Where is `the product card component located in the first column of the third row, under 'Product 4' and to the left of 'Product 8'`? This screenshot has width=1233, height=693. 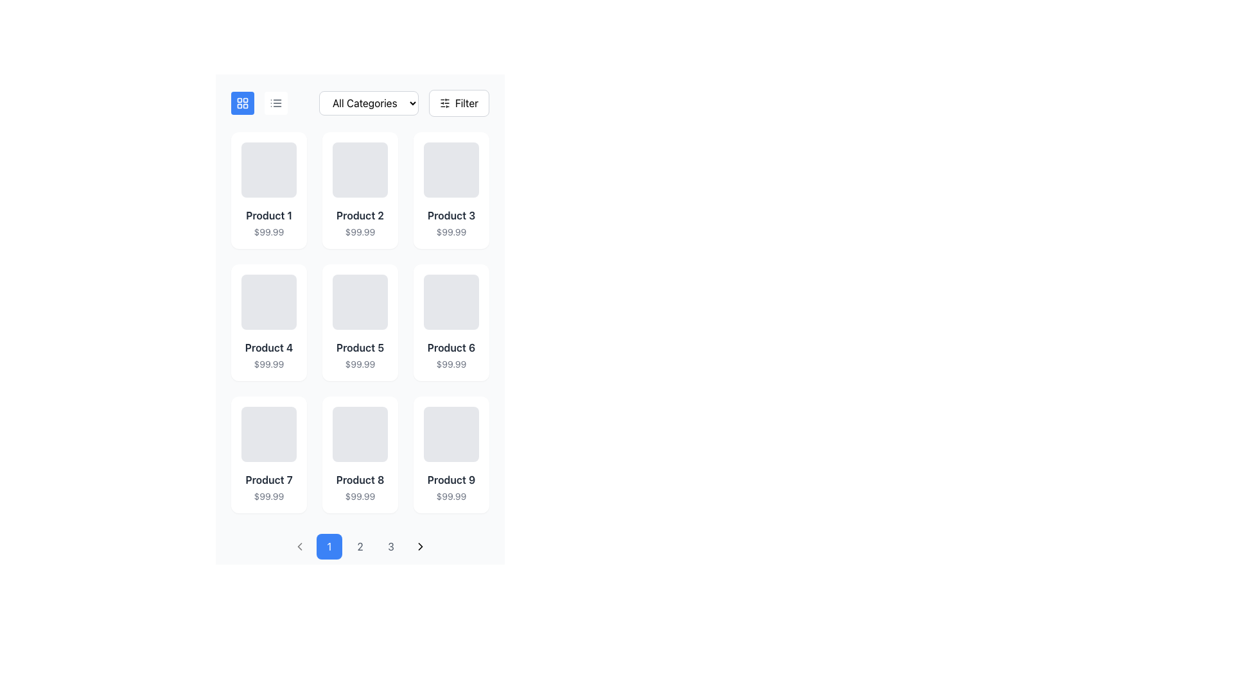 the product card component located in the first column of the third row, under 'Product 4' and to the left of 'Product 8' is located at coordinates (268, 454).